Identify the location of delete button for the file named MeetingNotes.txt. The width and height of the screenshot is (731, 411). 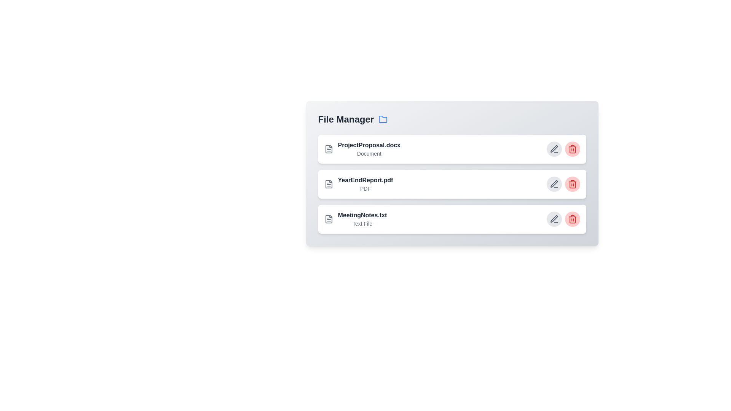
(572, 219).